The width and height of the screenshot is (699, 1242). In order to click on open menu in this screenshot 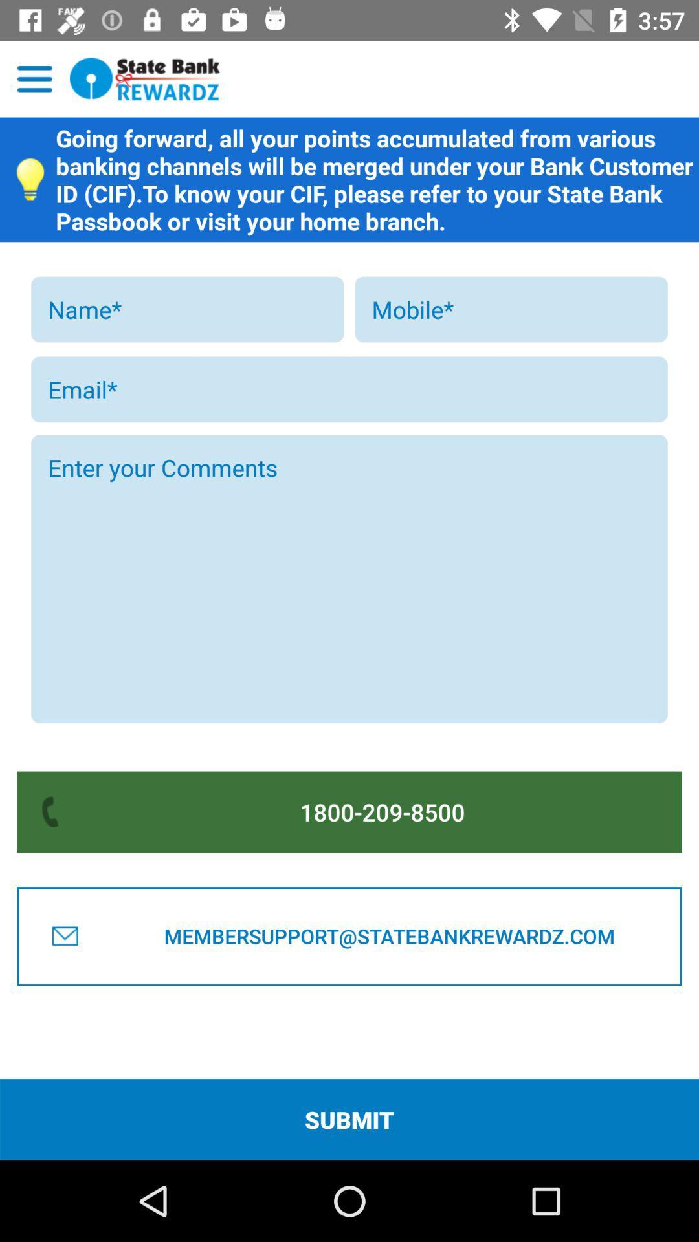, I will do `click(34, 78)`.